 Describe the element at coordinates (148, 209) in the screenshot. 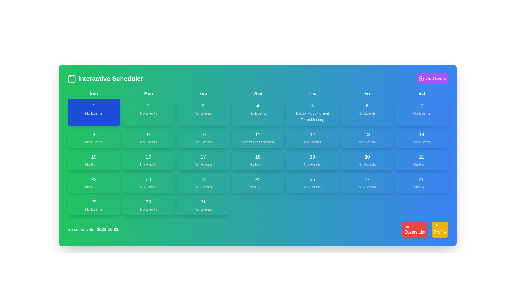

I see `the informational content of the 'No Events' text label located below the number 30 in the calendar interface` at that location.